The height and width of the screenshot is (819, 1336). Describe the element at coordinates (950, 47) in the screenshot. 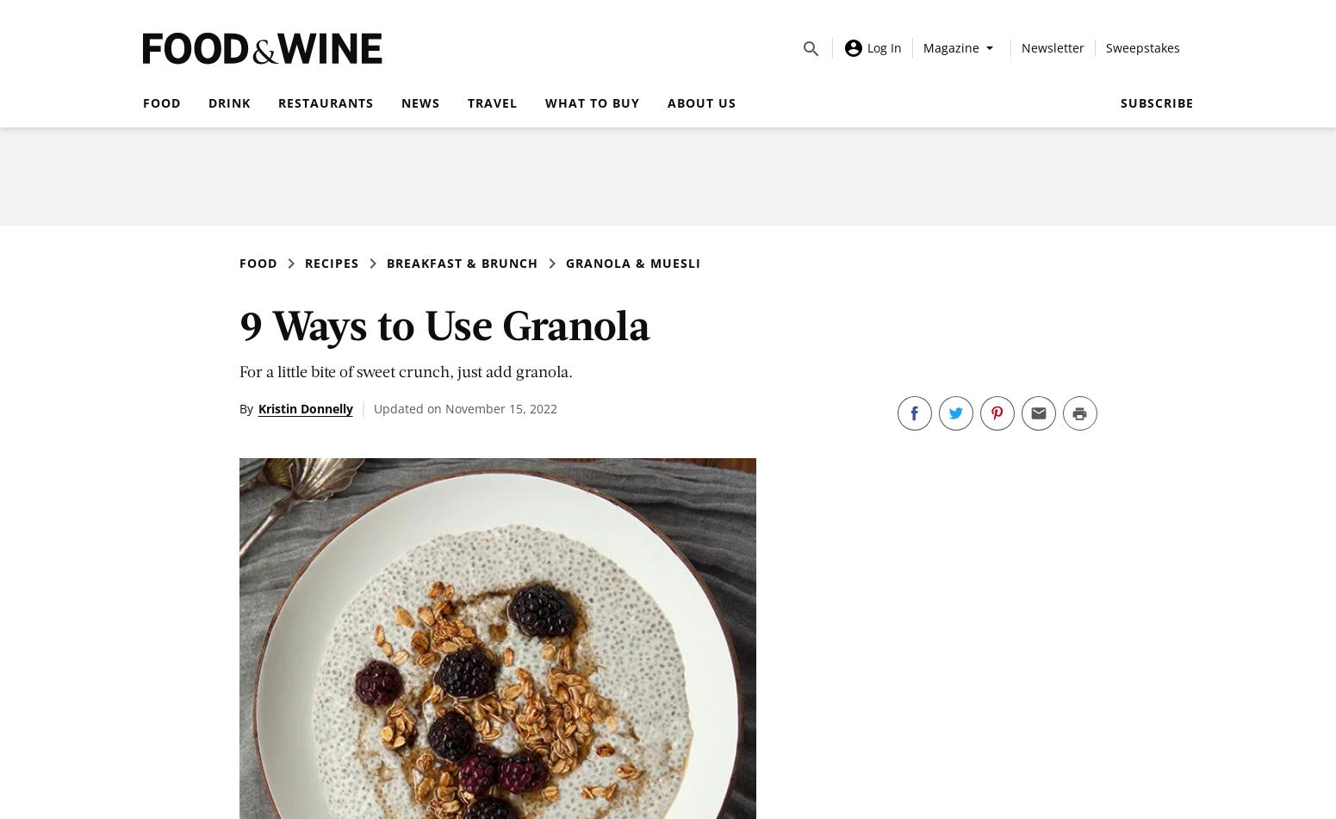

I see `'Magazine'` at that location.